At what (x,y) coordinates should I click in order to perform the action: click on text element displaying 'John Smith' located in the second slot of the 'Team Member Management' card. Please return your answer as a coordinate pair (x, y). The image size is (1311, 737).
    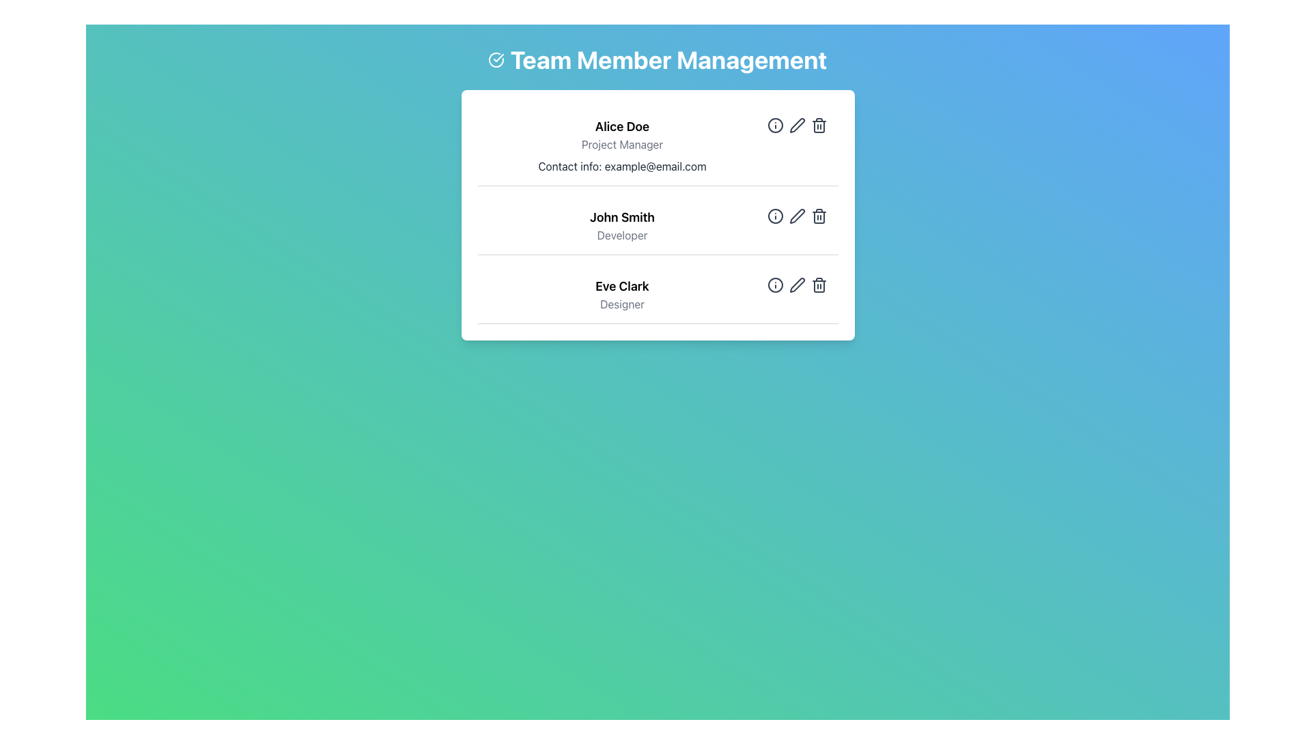
    Looking at the image, I should click on (621, 217).